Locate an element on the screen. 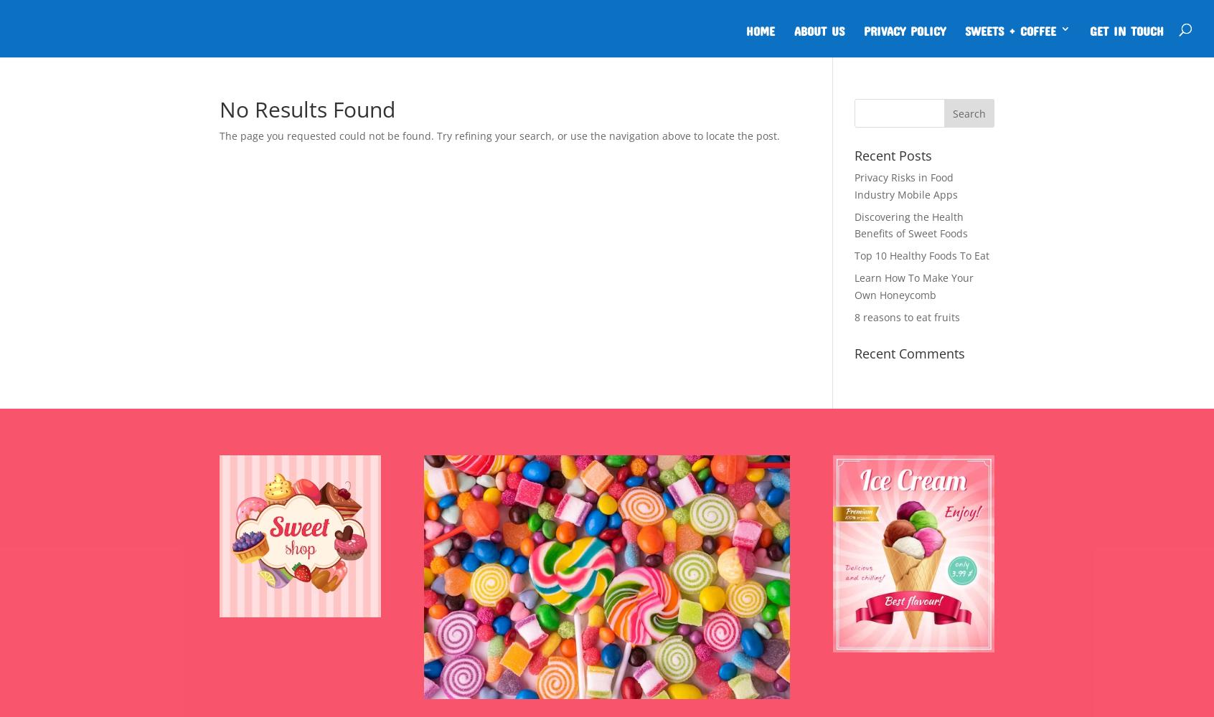 The width and height of the screenshot is (1214, 717). 'Barista-Quality Coffee at Home' is located at coordinates (1037, 98).